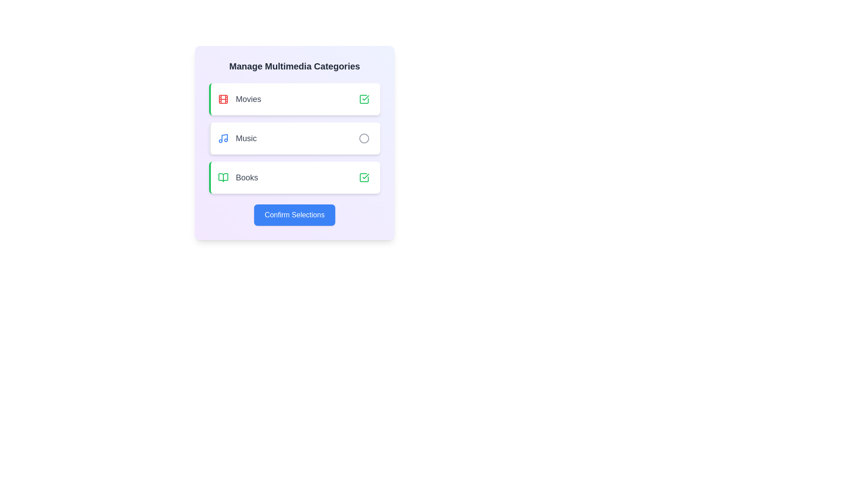 The width and height of the screenshot is (856, 481). What do you see at coordinates (295, 139) in the screenshot?
I see `the category Music to inspect its icon and text` at bounding box center [295, 139].